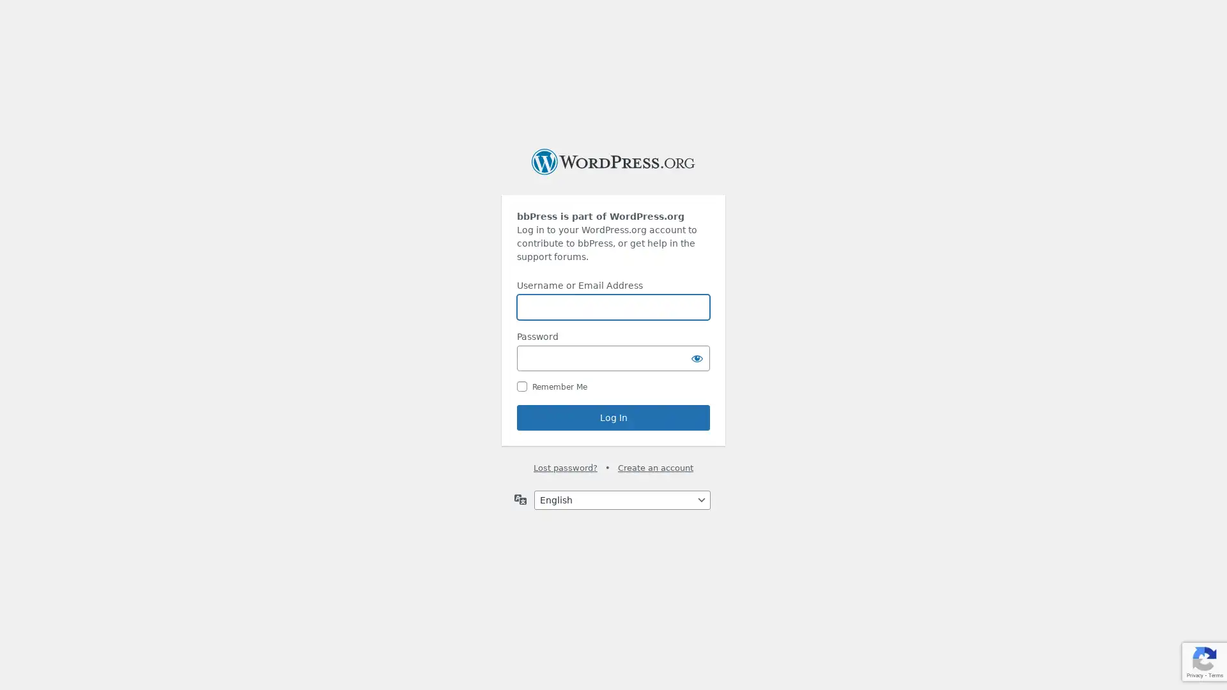 The width and height of the screenshot is (1227, 690). Describe the element at coordinates (613, 418) in the screenshot. I see `Log In` at that location.